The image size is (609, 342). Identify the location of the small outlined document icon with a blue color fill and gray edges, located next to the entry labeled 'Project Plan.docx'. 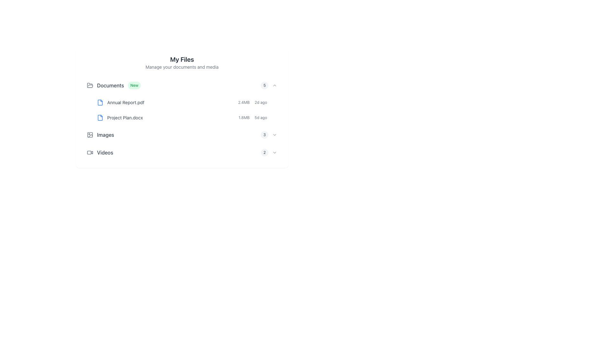
(100, 117).